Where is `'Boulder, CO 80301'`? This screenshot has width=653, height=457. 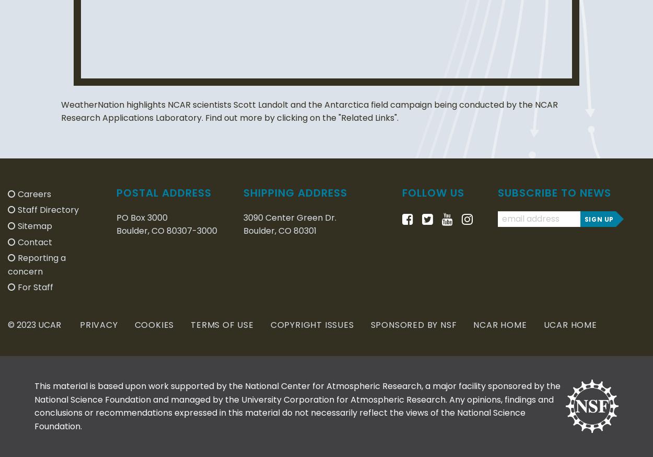 'Boulder, CO 80301' is located at coordinates (243, 230).